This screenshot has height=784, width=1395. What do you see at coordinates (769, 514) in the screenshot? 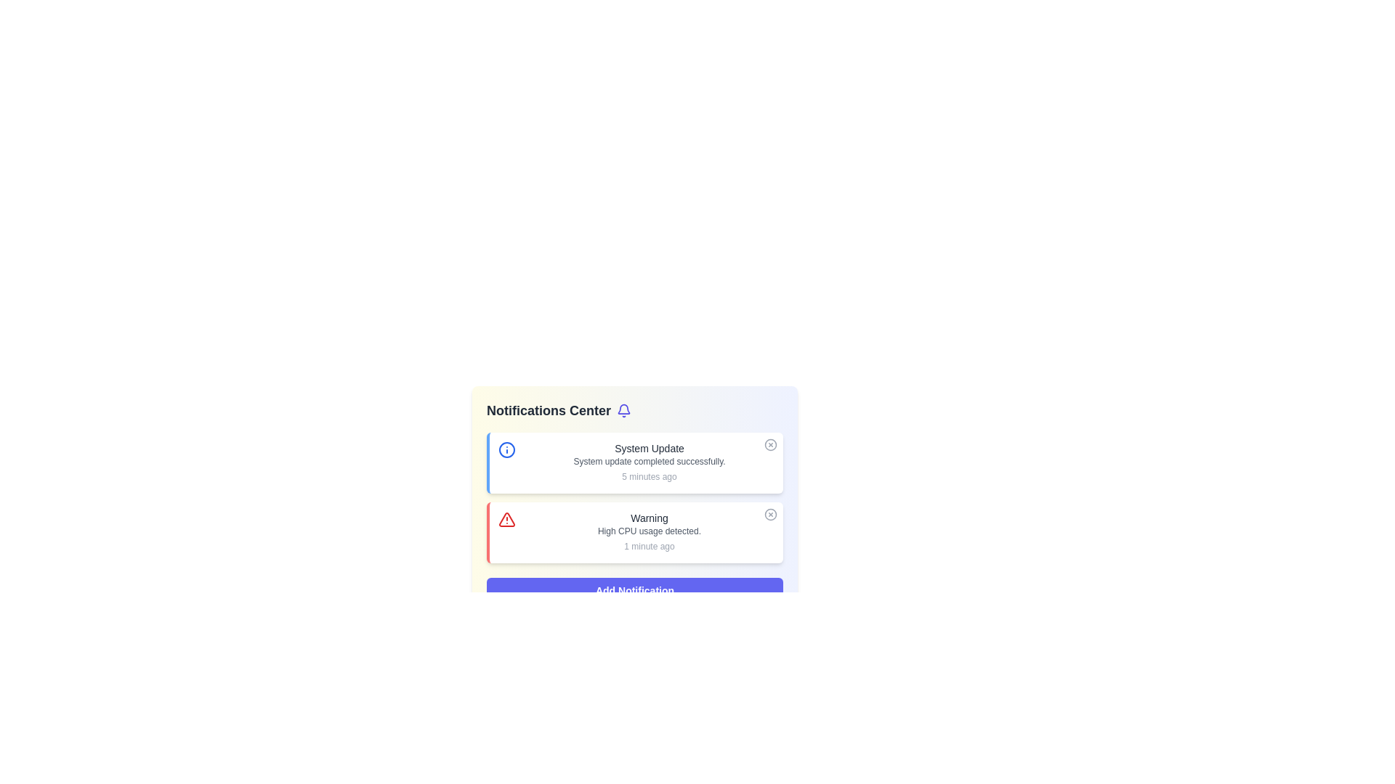
I see `the hollow circular icon which is part of the red-themed warning notification in the second row of the notification panel` at bounding box center [769, 514].